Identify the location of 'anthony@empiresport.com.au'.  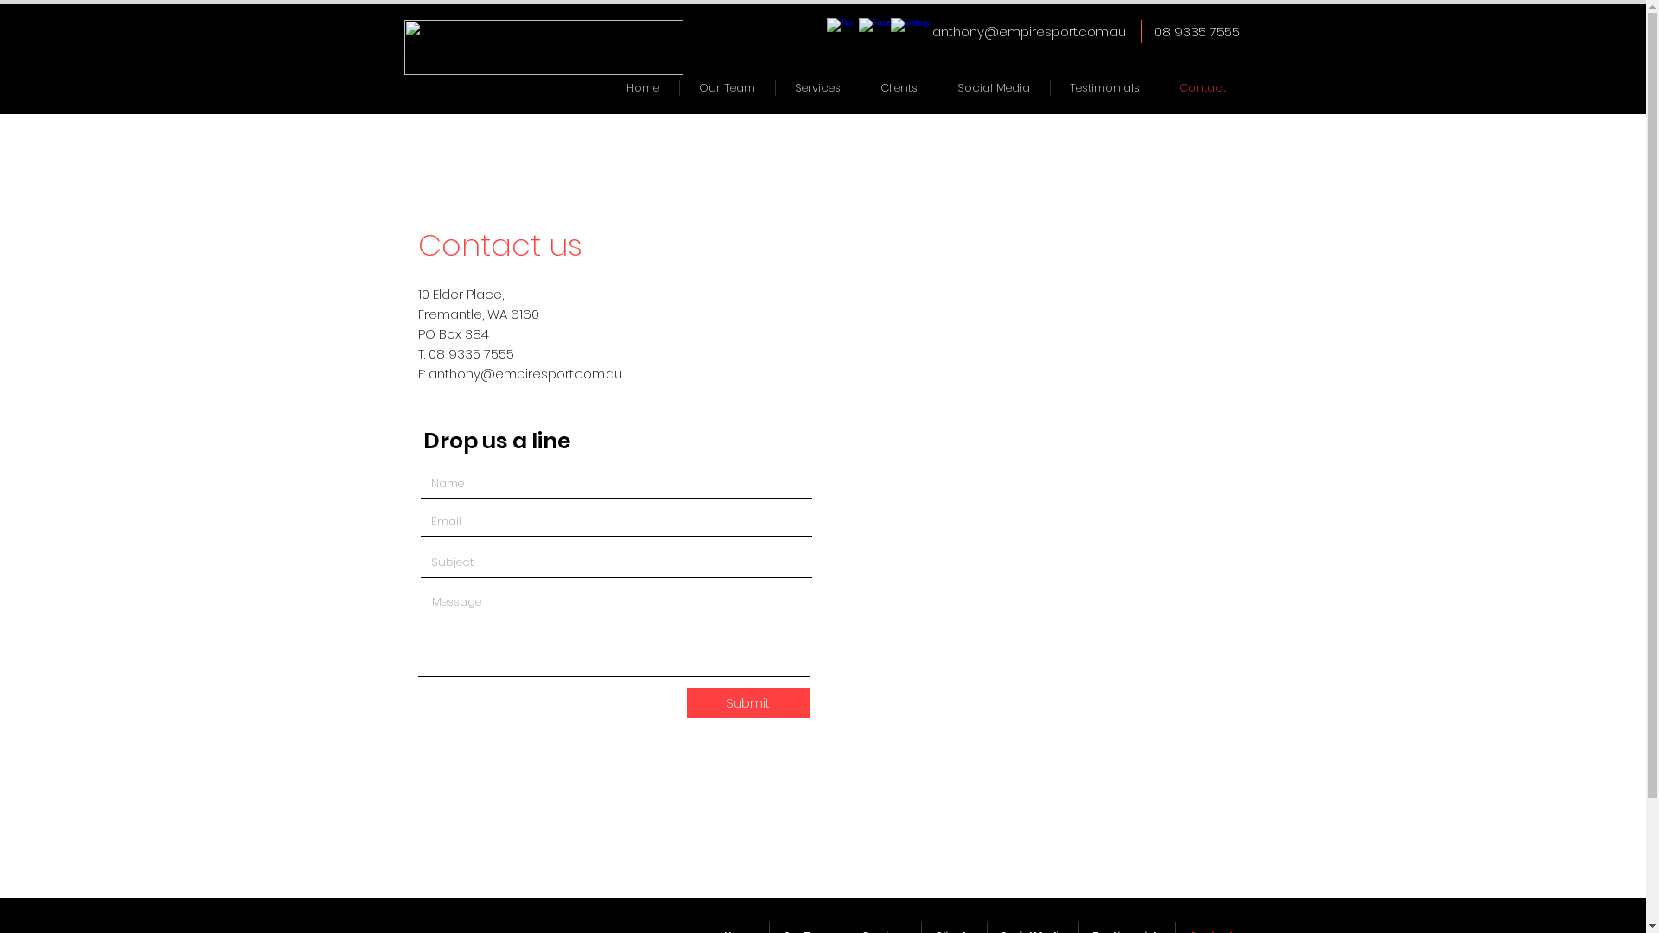
(524, 372).